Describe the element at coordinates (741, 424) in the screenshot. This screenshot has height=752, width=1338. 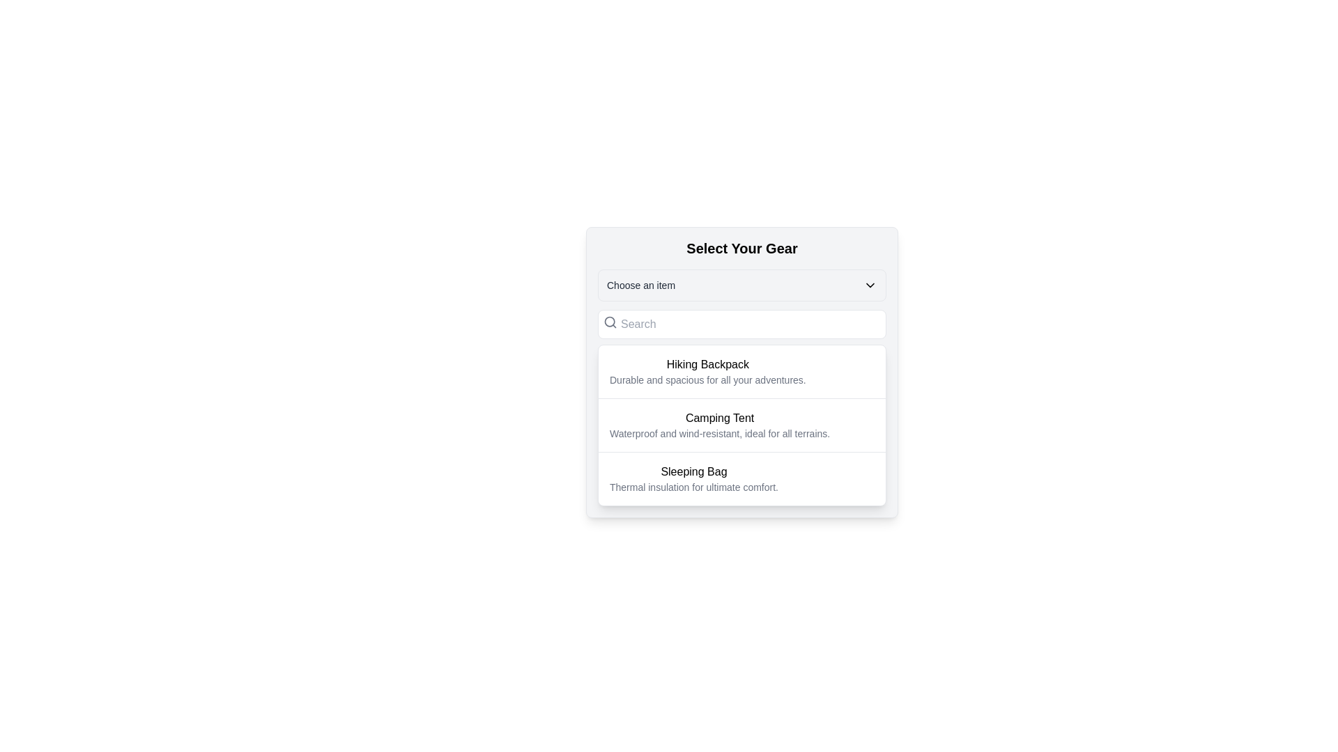
I see `the second item in the selectable list of gear options located centrally beneath the 'Search' box` at that location.